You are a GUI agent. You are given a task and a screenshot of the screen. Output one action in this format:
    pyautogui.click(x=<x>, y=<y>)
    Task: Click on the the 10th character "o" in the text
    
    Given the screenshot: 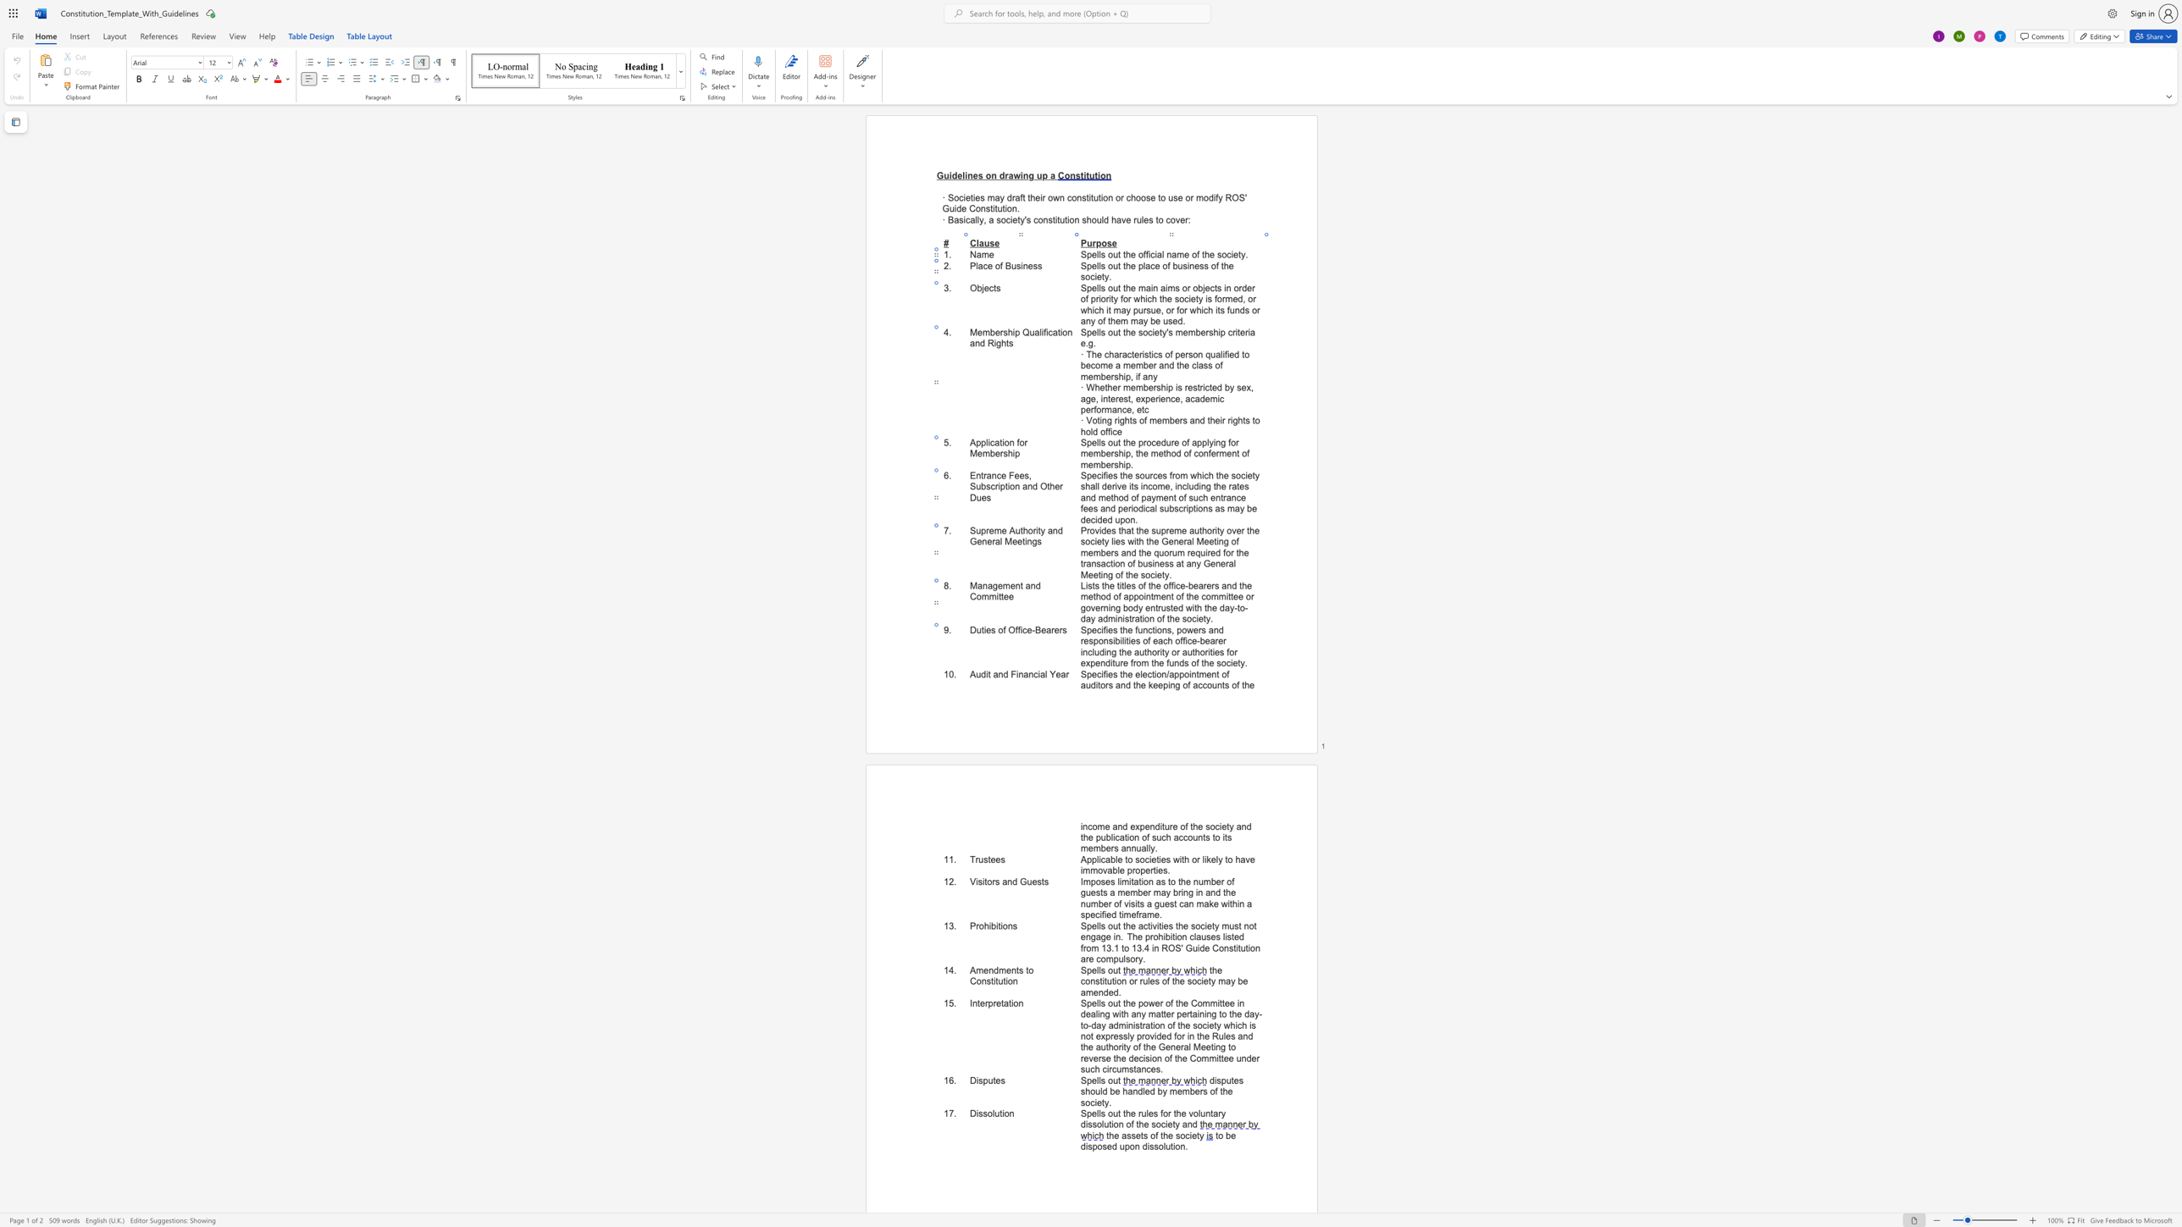 What is the action you would take?
    pyautogui.click(x=1130, y=608)
    